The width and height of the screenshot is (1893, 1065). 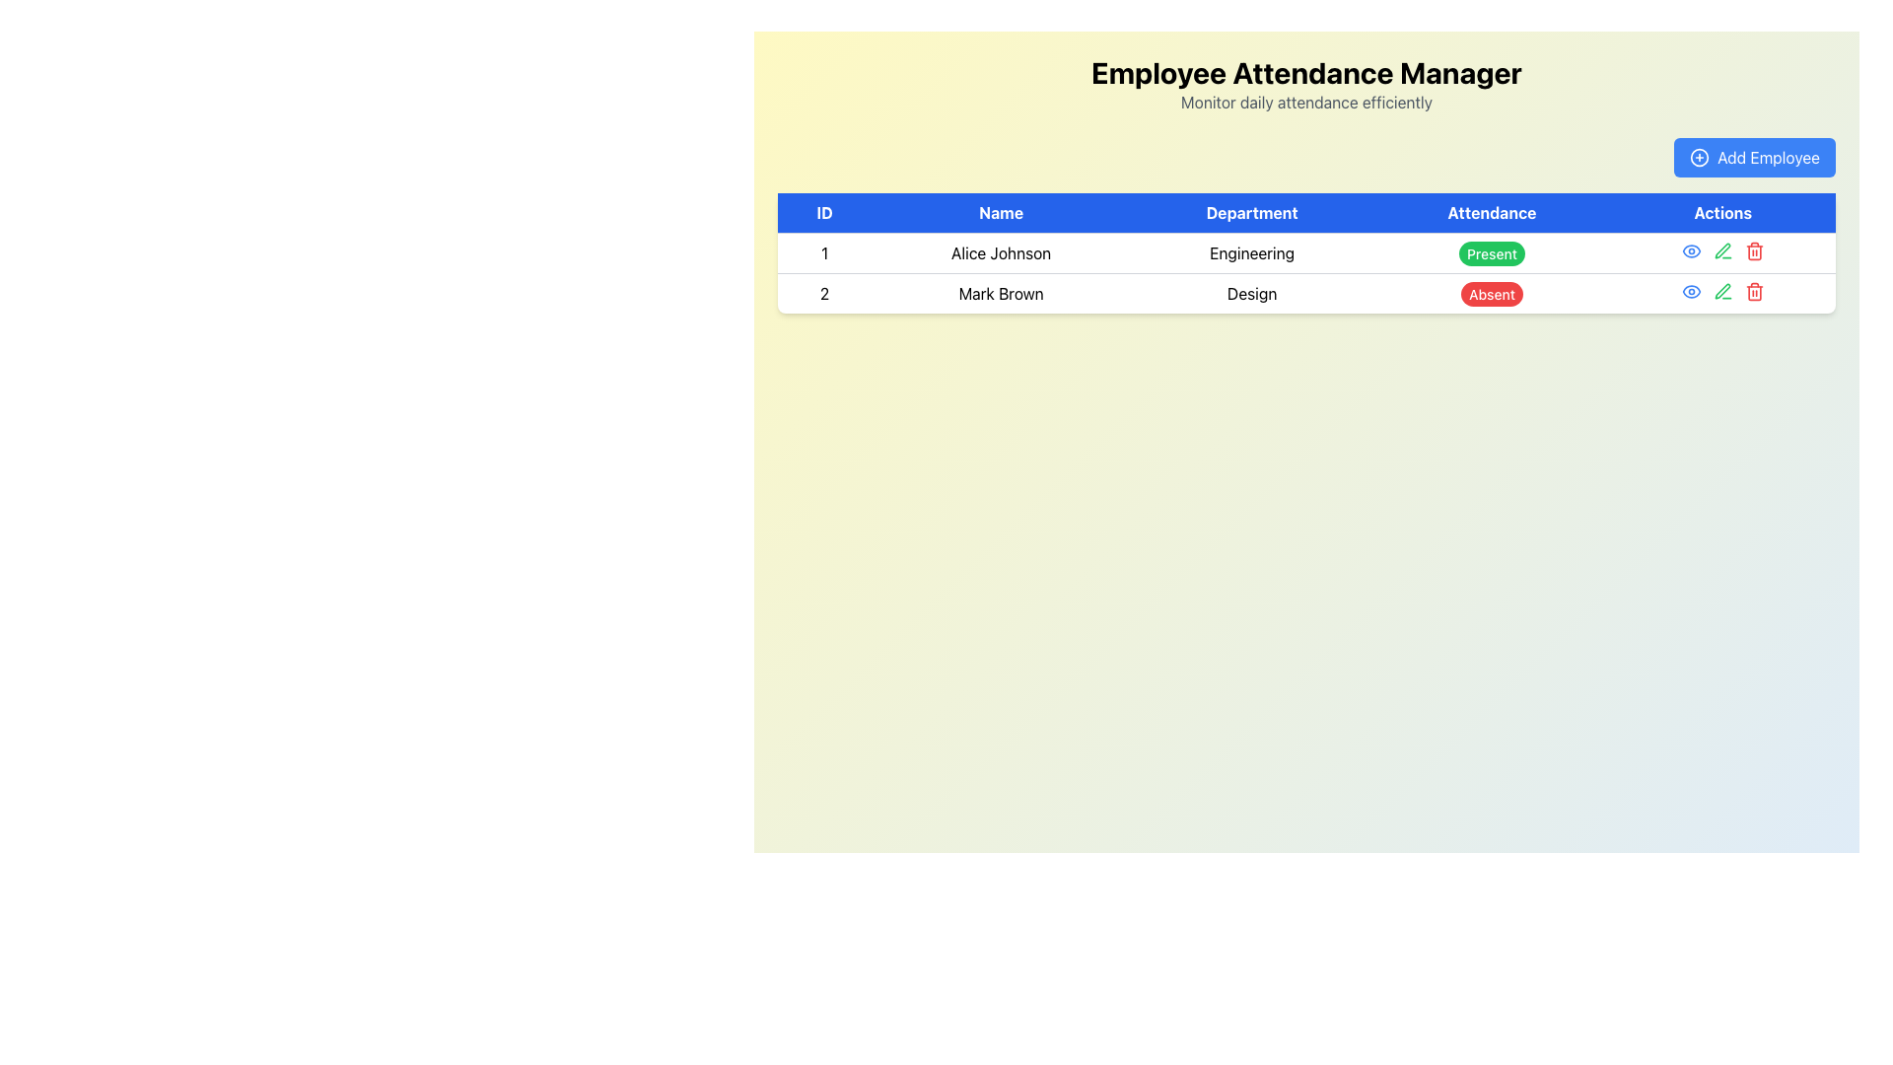 What do you see at coordinates (824, 293) in the screenshot?
I see `the table cell containing the ID '2' in the second row of the table, which is the first cell under the 'ID' column, adjacent to the cell with the name 'Mark Brown'` at bounding box center [824, 293].